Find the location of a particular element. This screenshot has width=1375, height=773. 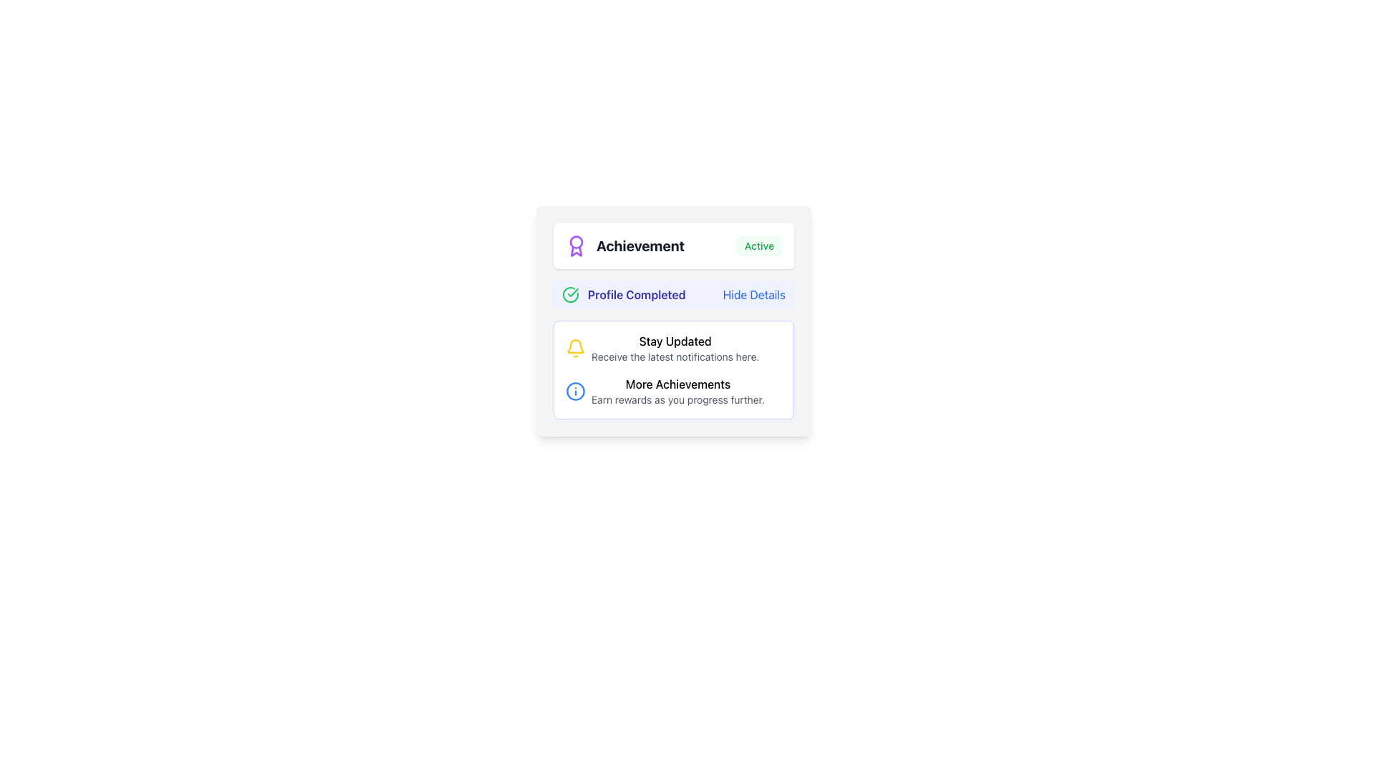

the Textual information block that provides information about achievements and rewards, located underneath the 'Stay Updated' text component is located at coordinates (677, 392).